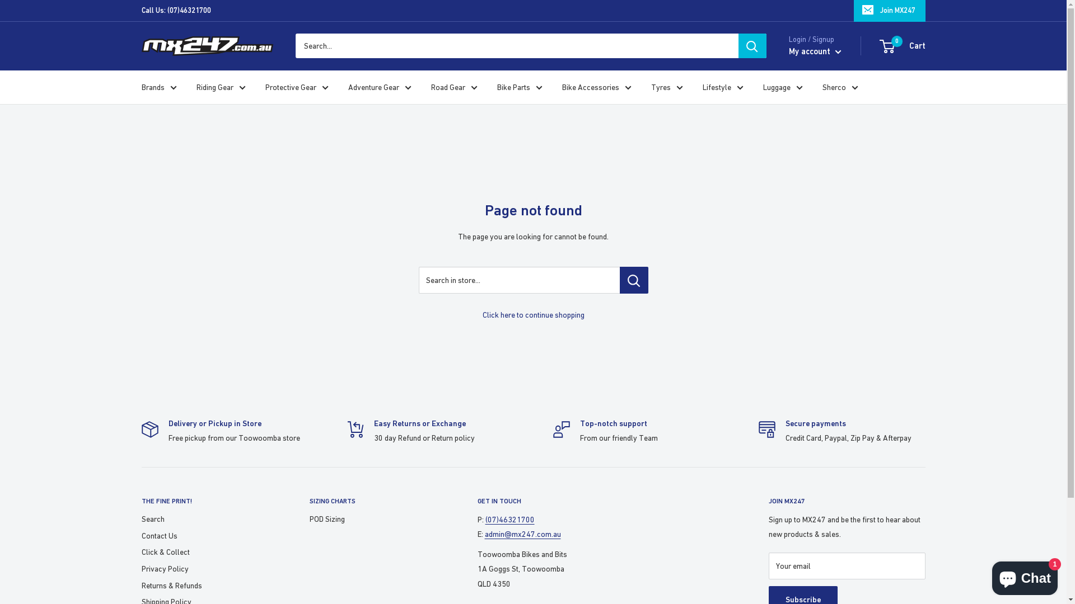  Describe the element at coordinates (666, 86) in the screenshot. I see `'Tyres'` at that location.